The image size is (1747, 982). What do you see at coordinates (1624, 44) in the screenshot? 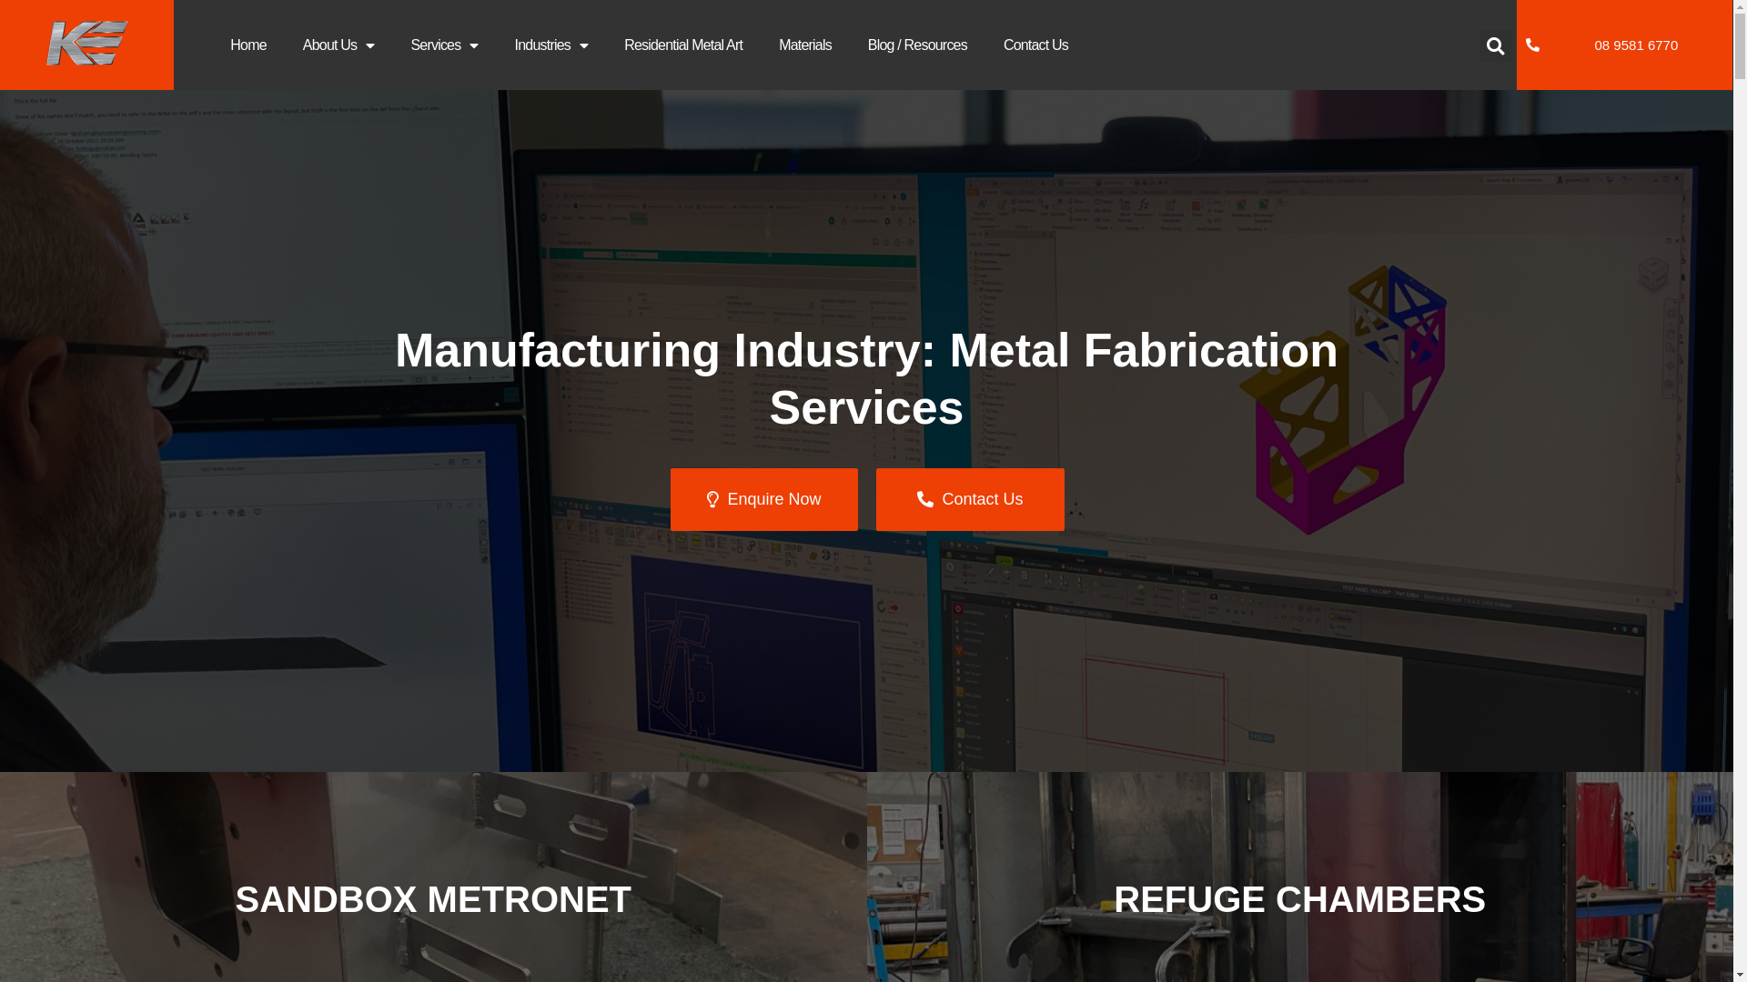
I see `'08 9581 6770'` at bounding box center [1624, 44].